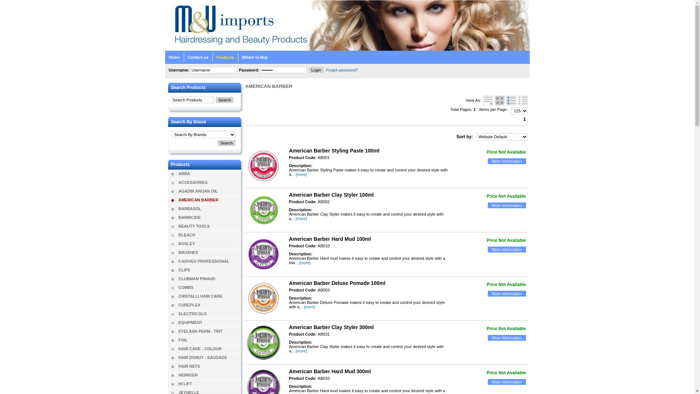 This screenshot has height=394, width=700. I want to click on 'HAIR NETS', so click(209, 366).